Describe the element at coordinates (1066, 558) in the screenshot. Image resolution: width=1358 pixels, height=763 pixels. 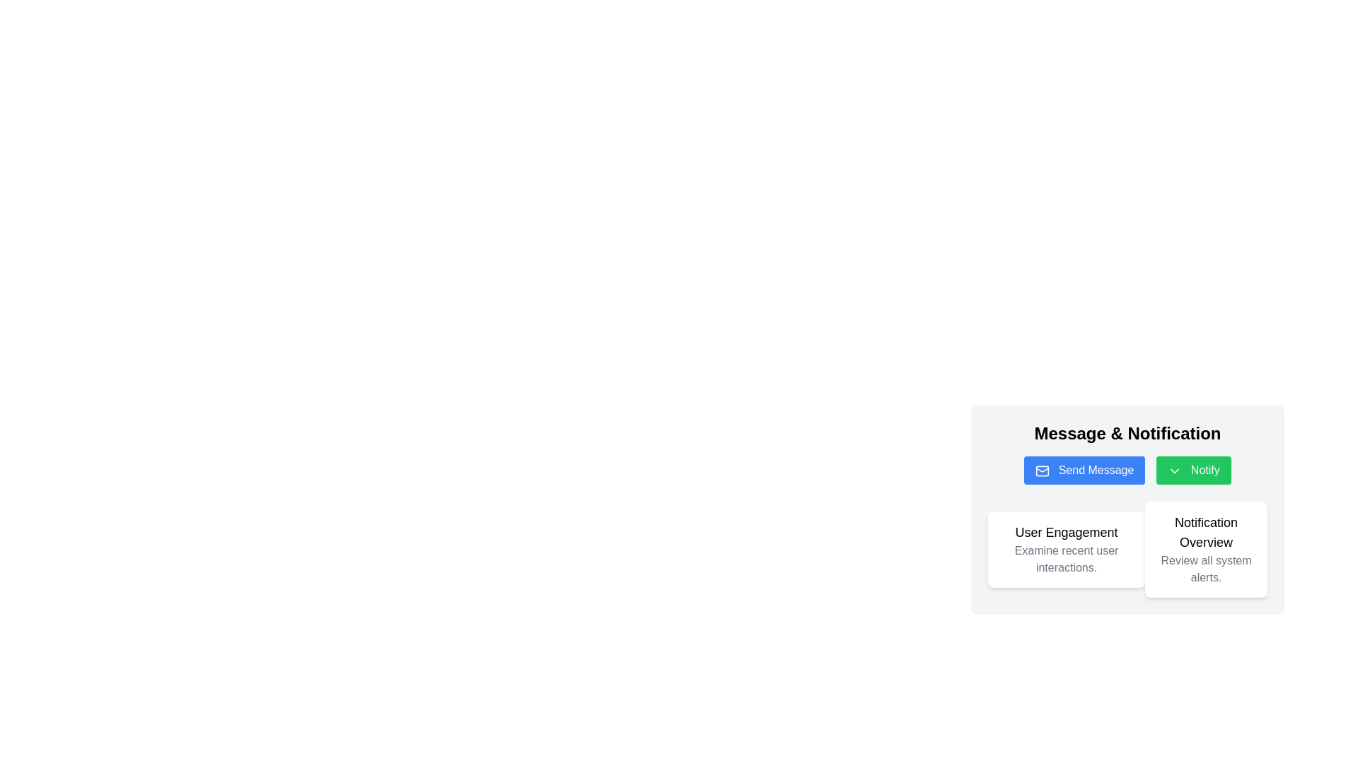
I see `the descriptive text within the 'User Engagement' card, located below its header, to provide context about recent user interactions` at that location.